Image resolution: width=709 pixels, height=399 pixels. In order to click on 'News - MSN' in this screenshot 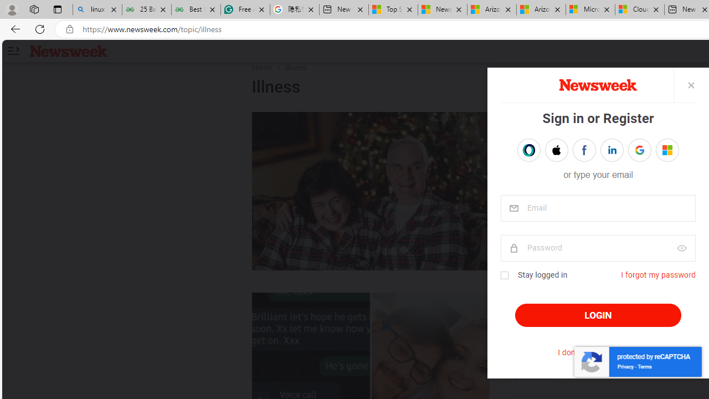, I will do `click(442, 9)`.